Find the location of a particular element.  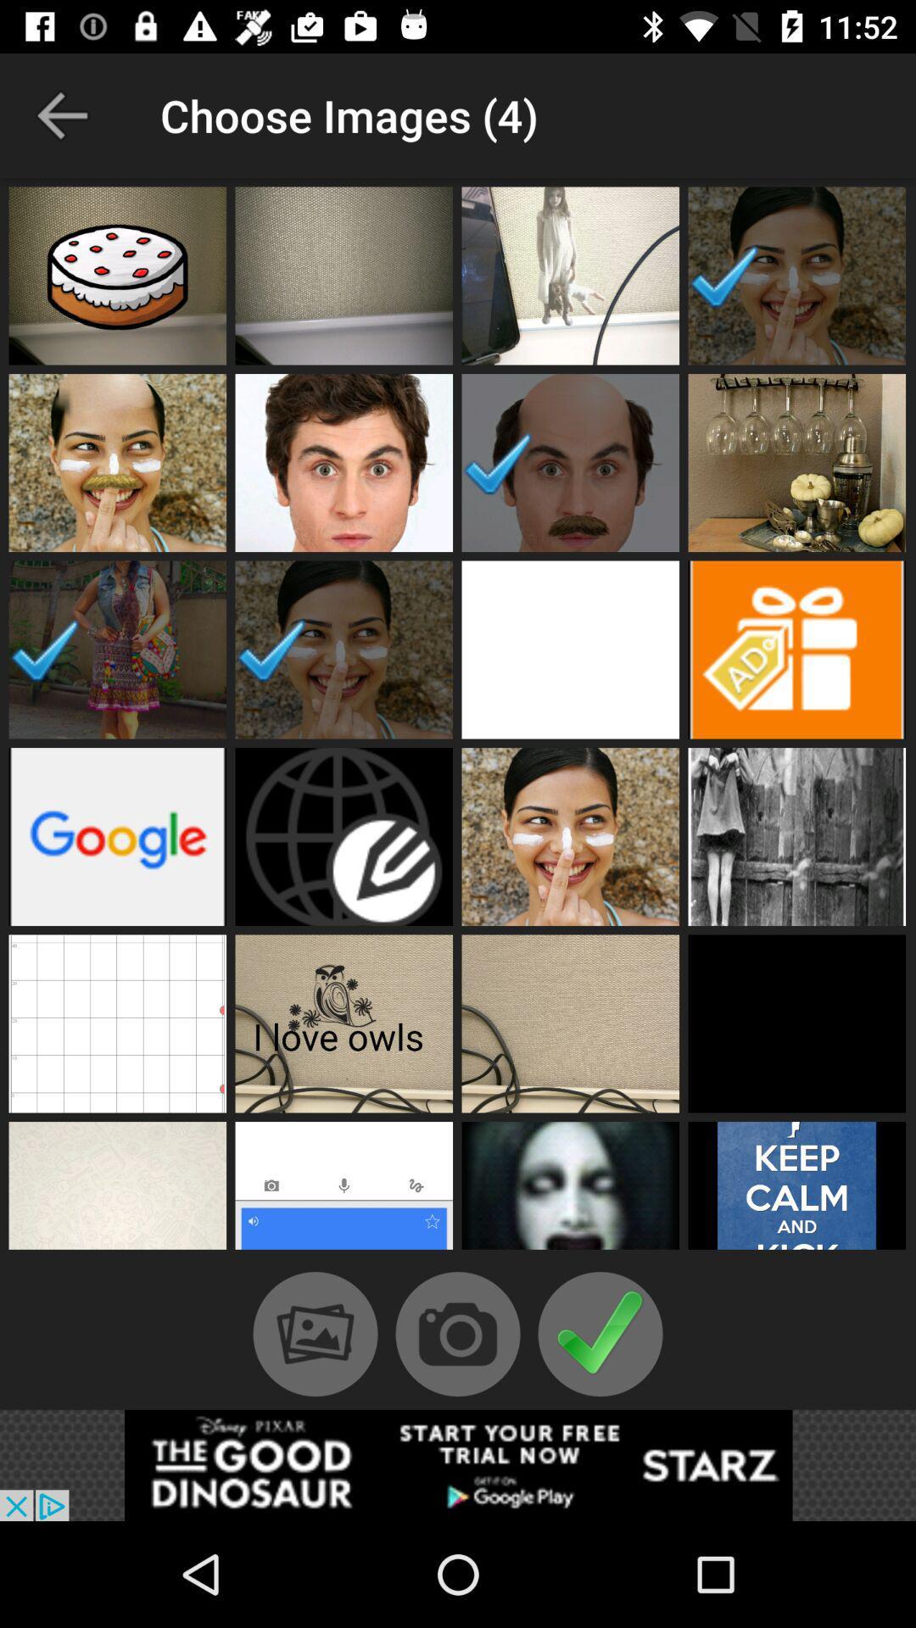

an image is located at coordinates (570, 1189).